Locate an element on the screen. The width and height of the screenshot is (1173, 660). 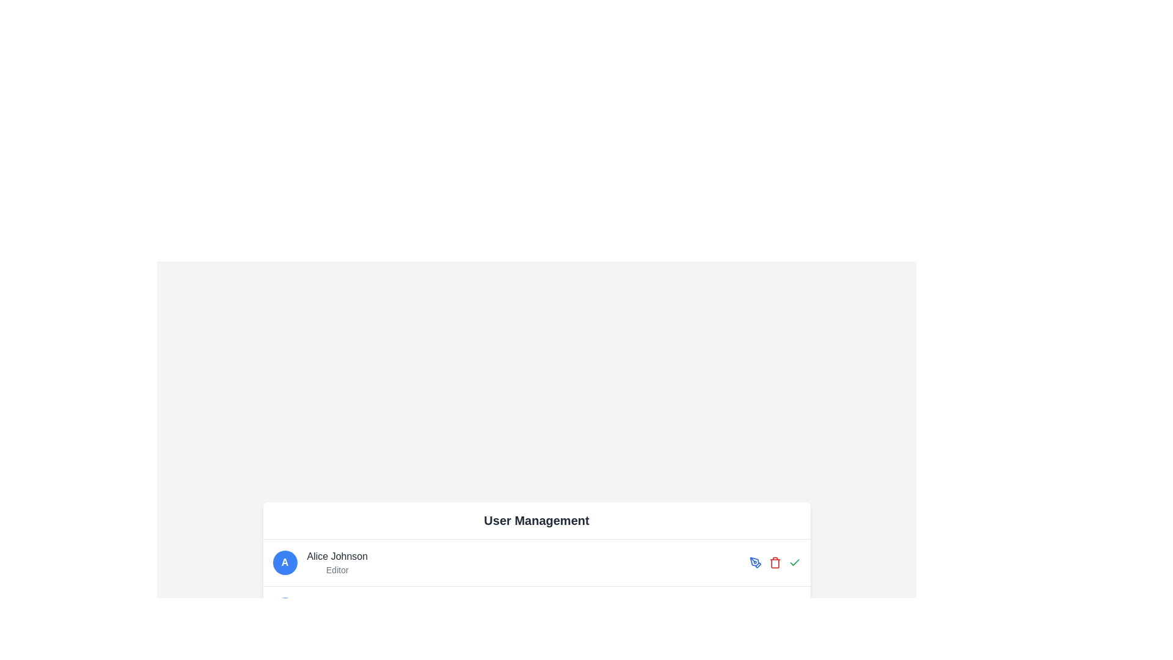
the first icon in the horizontal layout of interactive icons is located at coordinates (755, 563).